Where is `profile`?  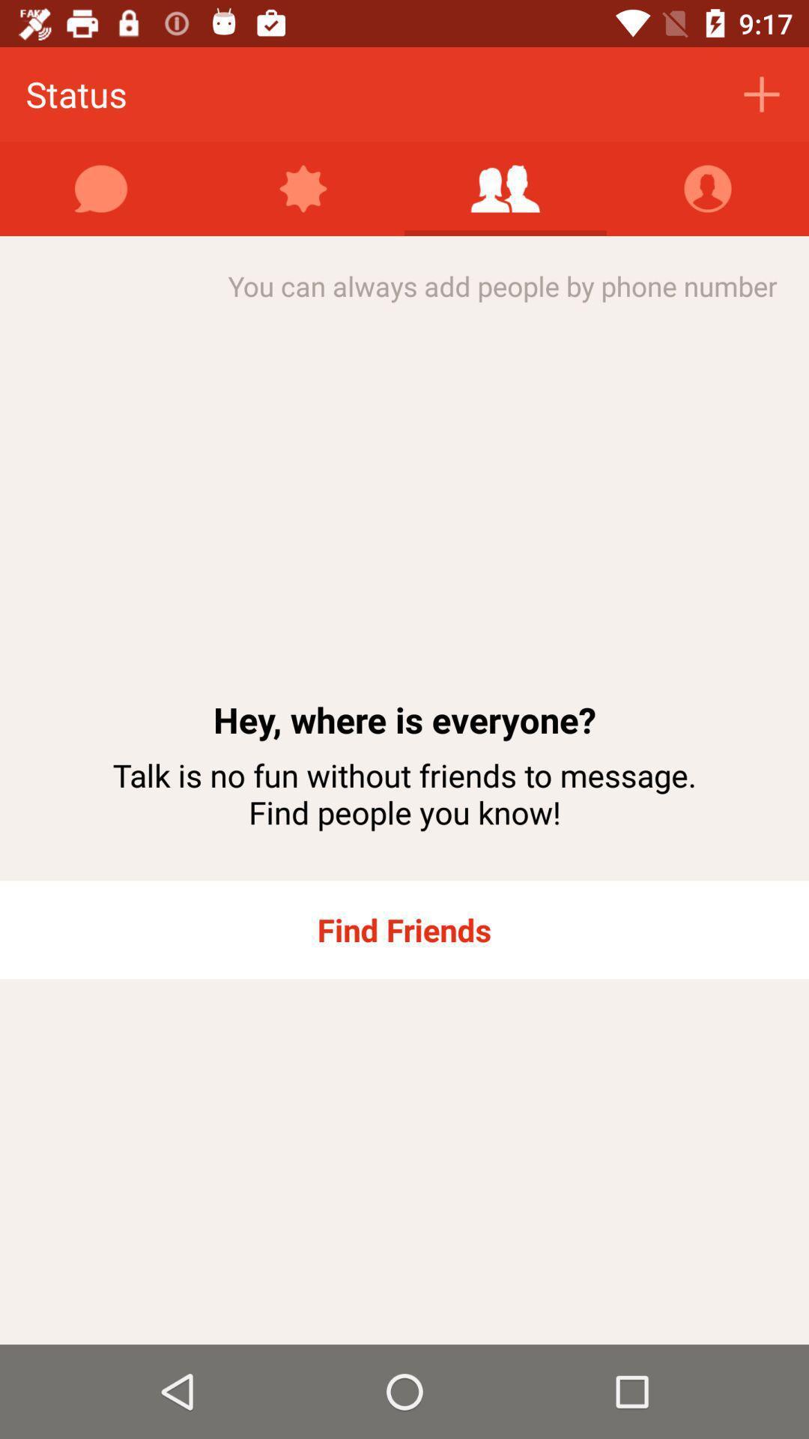 profile is located at coordinates (708, 188).